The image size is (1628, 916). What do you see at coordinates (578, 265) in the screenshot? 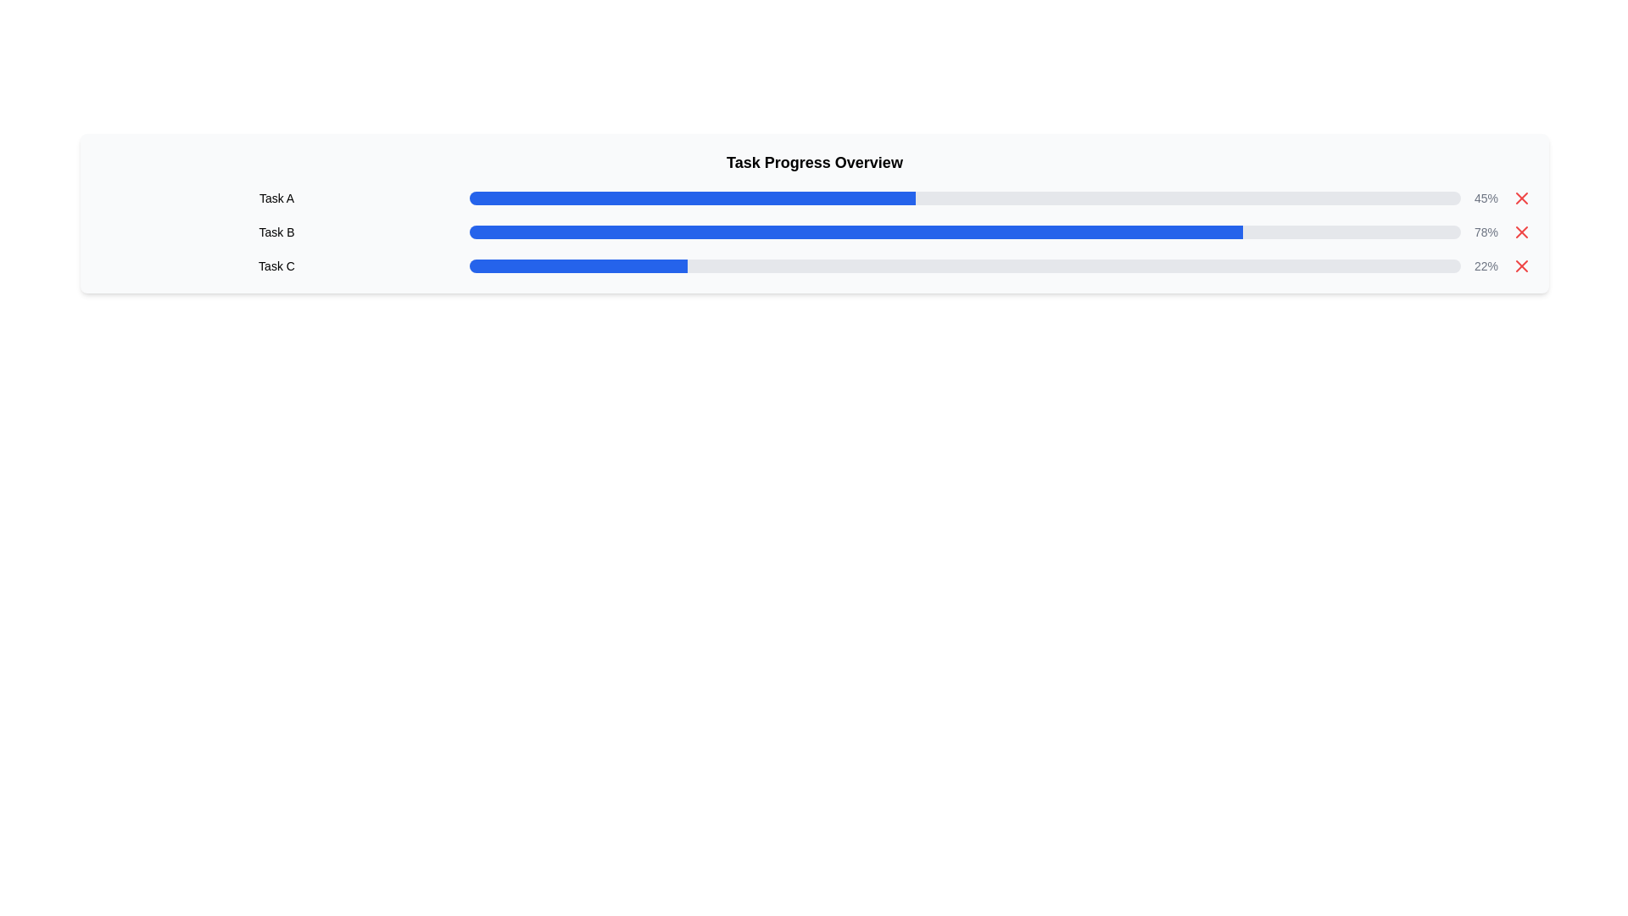
I see `the filled portion of the progress bar segment indicating 22% progress of 'Task C'` at bounding box center [578, 265].